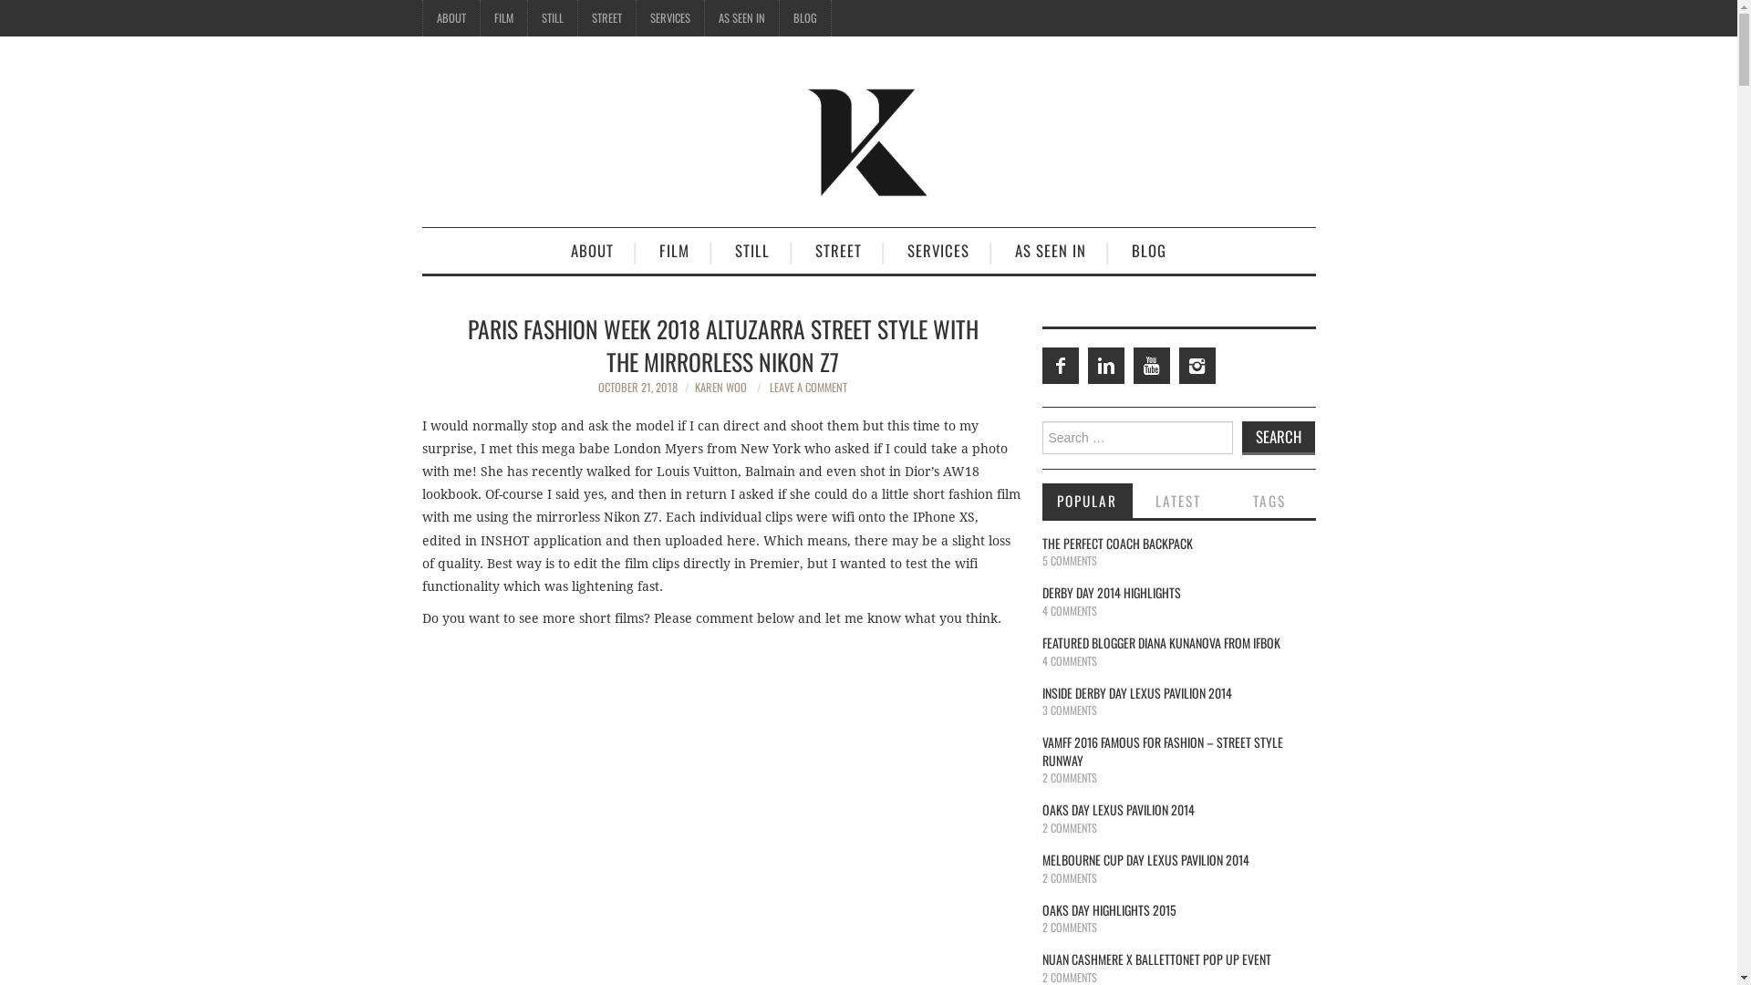 The height and width of the screenshot is (985, 1751). I want to click on 'Instagram', so click(1196, 366).